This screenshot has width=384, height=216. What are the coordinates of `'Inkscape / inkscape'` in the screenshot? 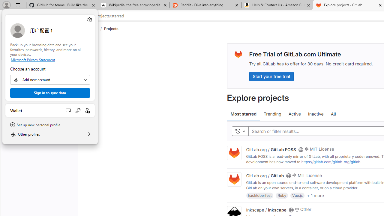 It's located at (266, 209).